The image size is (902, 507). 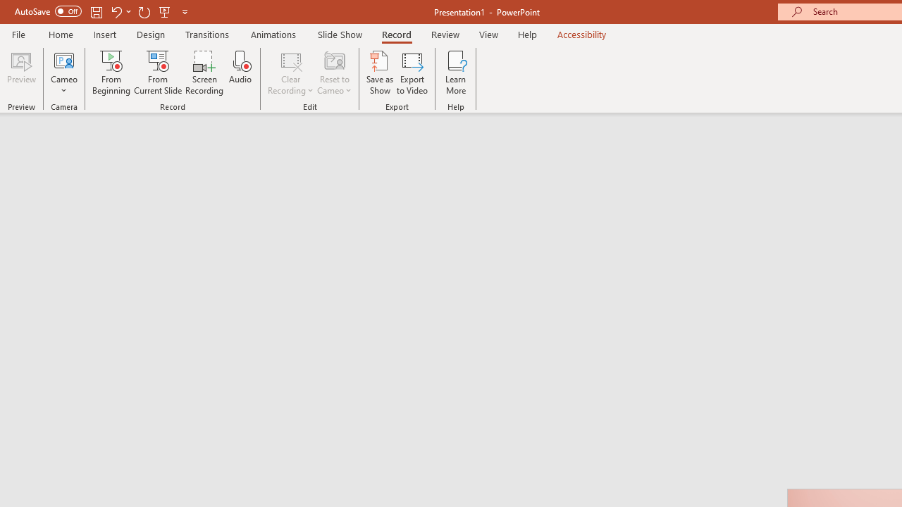 I want to click on 'Clear Recording', so click(x=290, y=73).